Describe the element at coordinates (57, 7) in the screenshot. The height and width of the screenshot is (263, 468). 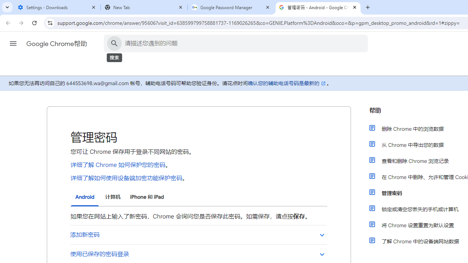
I see `'Settings - Downloads'` at that location.